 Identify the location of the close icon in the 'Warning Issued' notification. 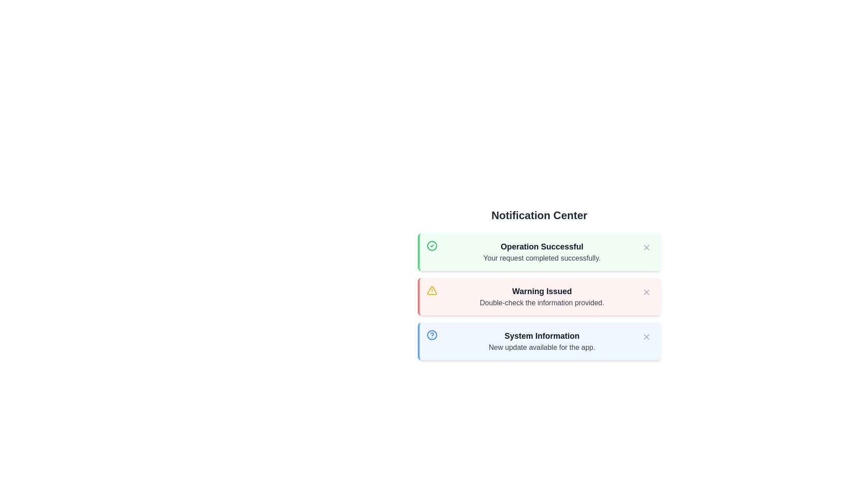
(646, 292).